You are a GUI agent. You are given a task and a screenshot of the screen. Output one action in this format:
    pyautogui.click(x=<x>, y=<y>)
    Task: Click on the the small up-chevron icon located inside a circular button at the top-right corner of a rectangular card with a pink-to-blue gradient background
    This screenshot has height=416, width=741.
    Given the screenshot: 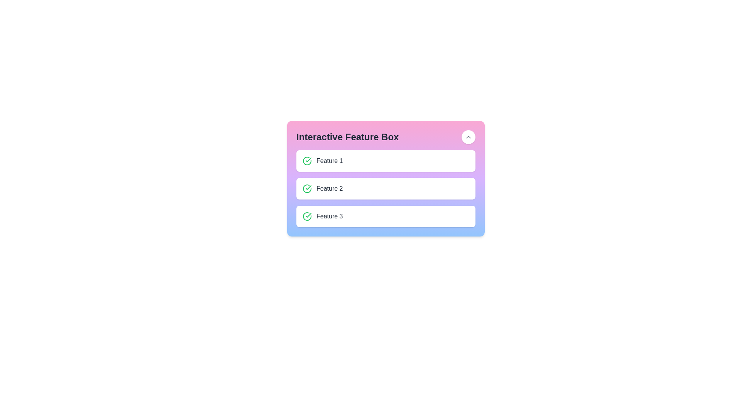 What is the action you would take?
    pyautogui.click(x=468, y=136)
    